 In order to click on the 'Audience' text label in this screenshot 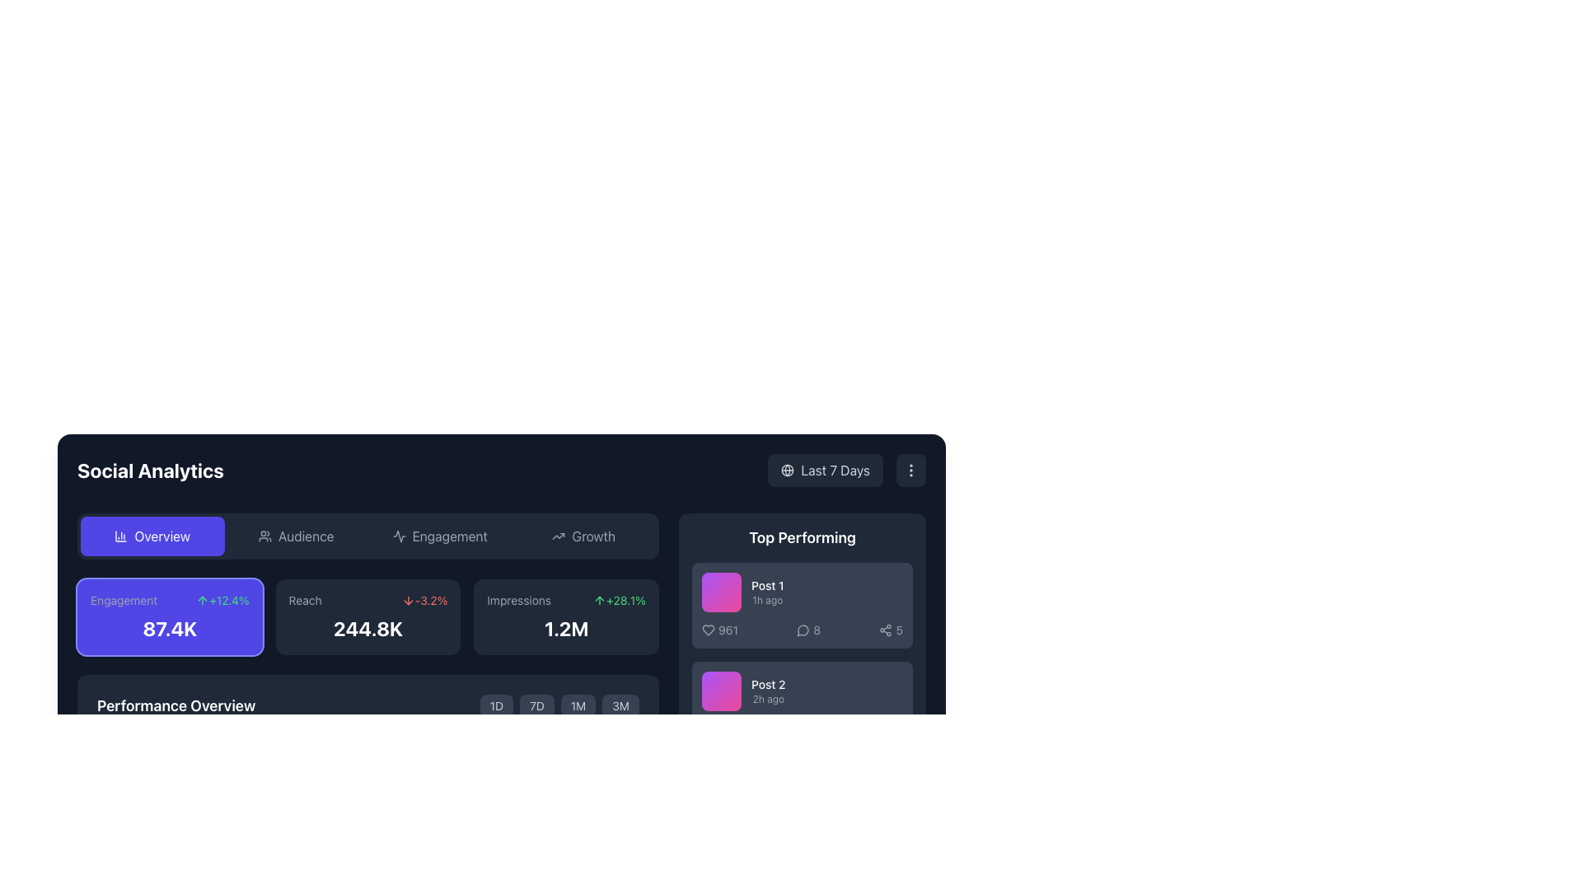, I will do `click(306, 536)`.